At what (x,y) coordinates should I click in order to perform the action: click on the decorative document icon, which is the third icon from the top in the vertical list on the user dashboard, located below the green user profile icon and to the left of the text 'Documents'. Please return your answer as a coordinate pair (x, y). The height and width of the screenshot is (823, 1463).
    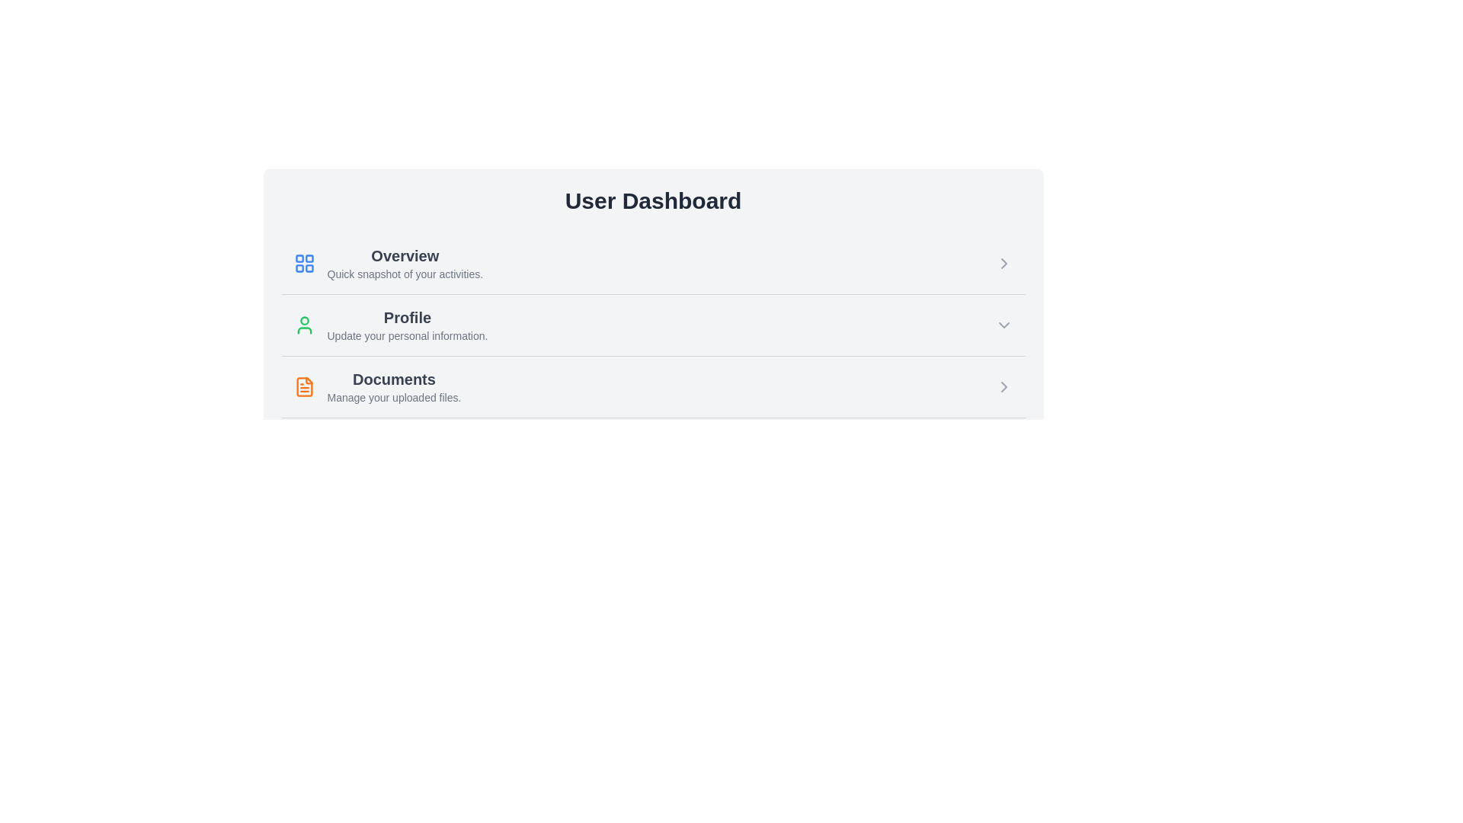
    Looking at the image, I should click on (304, 386).